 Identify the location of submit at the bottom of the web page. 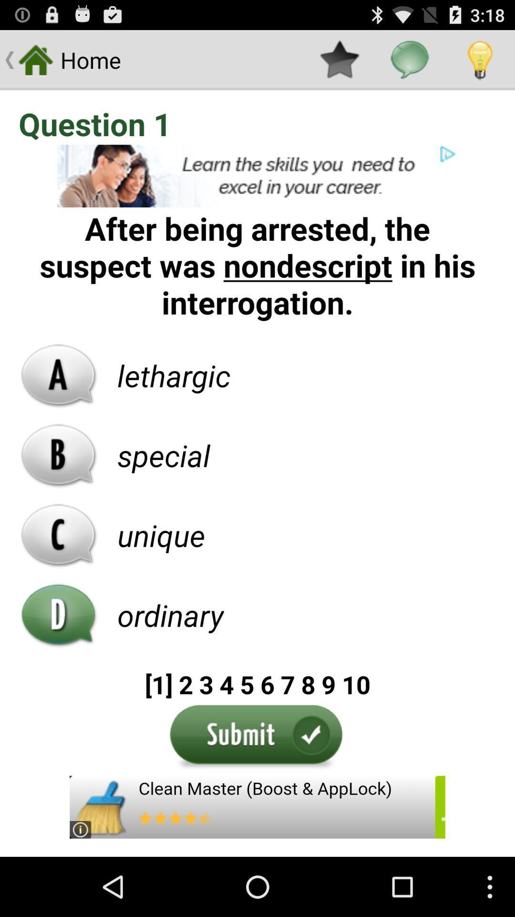
(257, 737).